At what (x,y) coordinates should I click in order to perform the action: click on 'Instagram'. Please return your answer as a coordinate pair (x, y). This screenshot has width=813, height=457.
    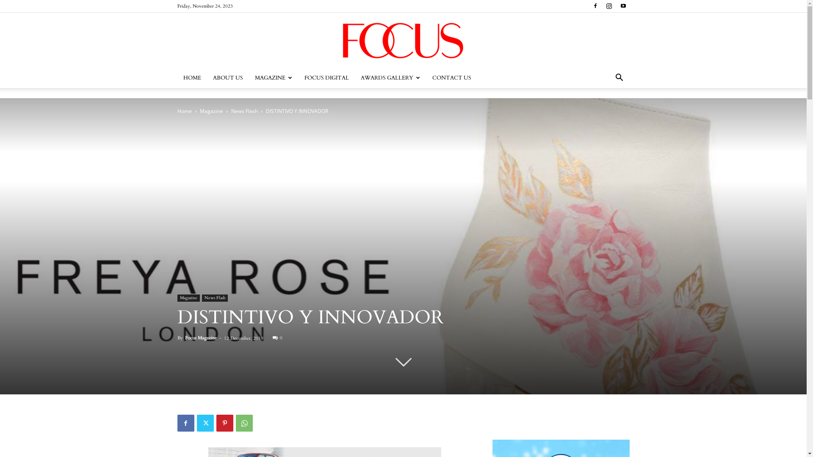
    Looking at the image, I should click on (603, 6).